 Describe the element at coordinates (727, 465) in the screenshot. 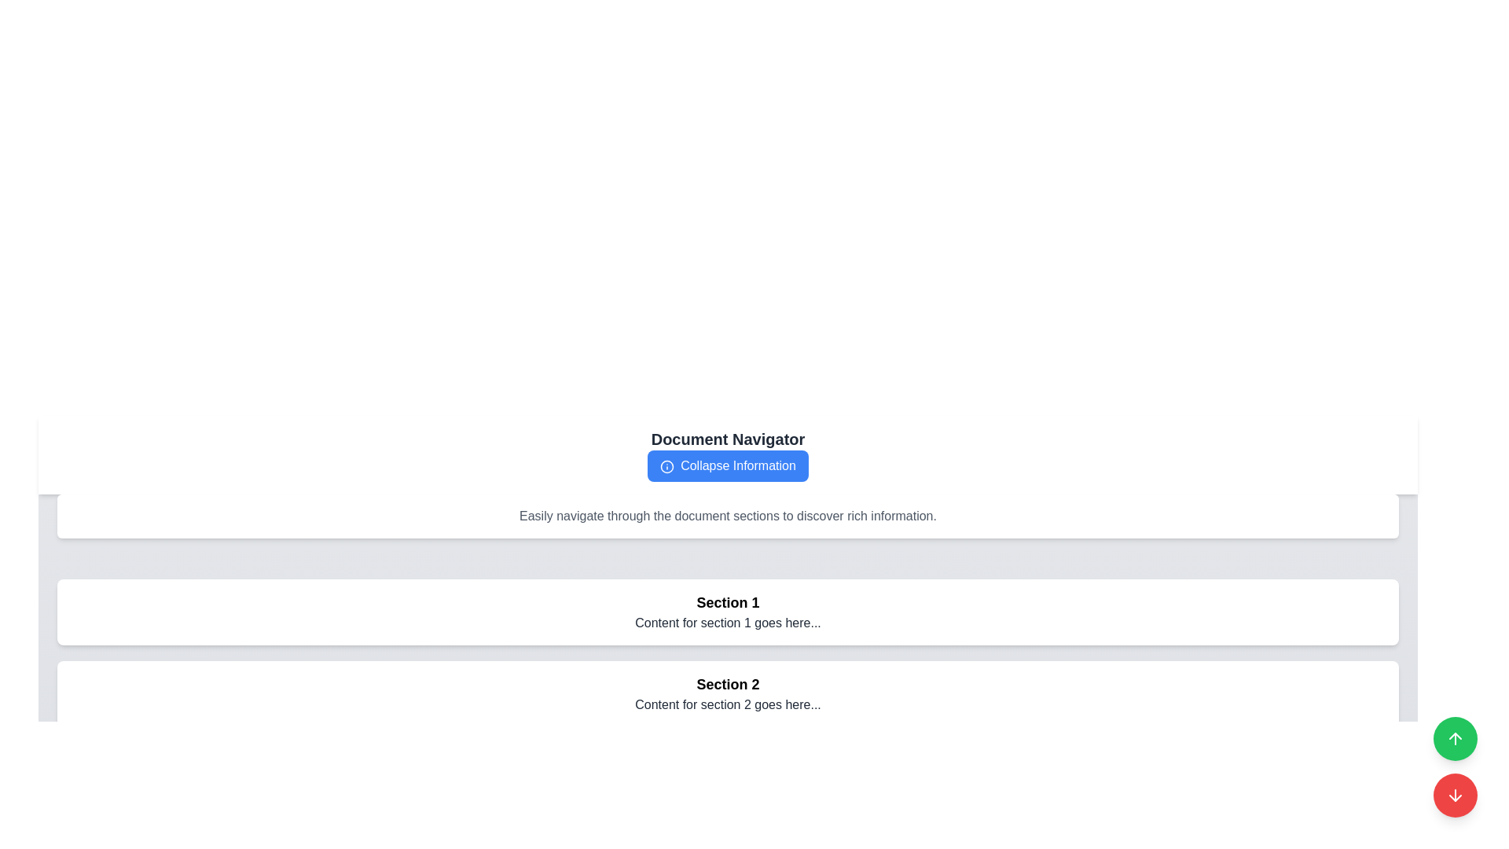

I see `the button with a blue background and white text reading 'Collapse Information'` at that location.